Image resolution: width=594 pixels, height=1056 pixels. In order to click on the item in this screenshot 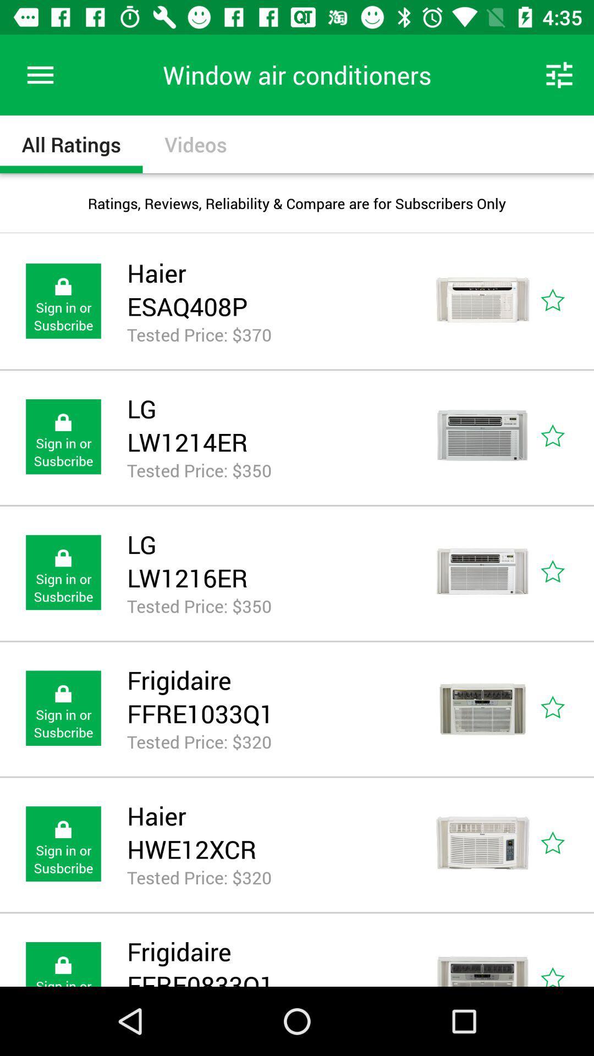, I will do `click(565, 708)`.